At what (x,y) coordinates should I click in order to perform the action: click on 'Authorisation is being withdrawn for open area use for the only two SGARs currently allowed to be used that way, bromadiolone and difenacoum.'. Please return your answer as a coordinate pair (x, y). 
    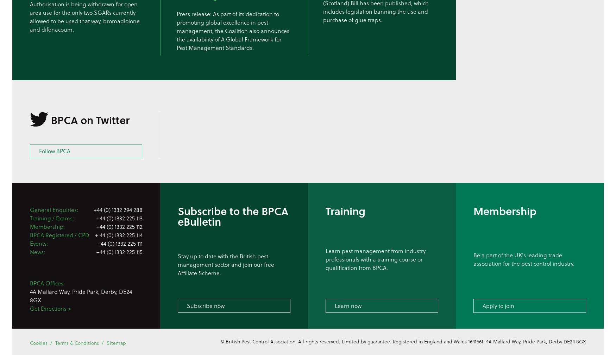
    Looking at the image, I should click on (30, 16).